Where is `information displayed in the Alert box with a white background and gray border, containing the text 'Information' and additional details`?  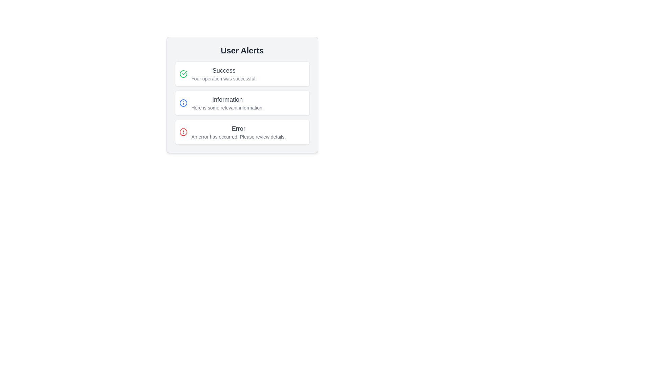
information displayed in the Alert box with a white background and gray border, containing the text 'Information' and additional details is located at coordinates (242, 103).